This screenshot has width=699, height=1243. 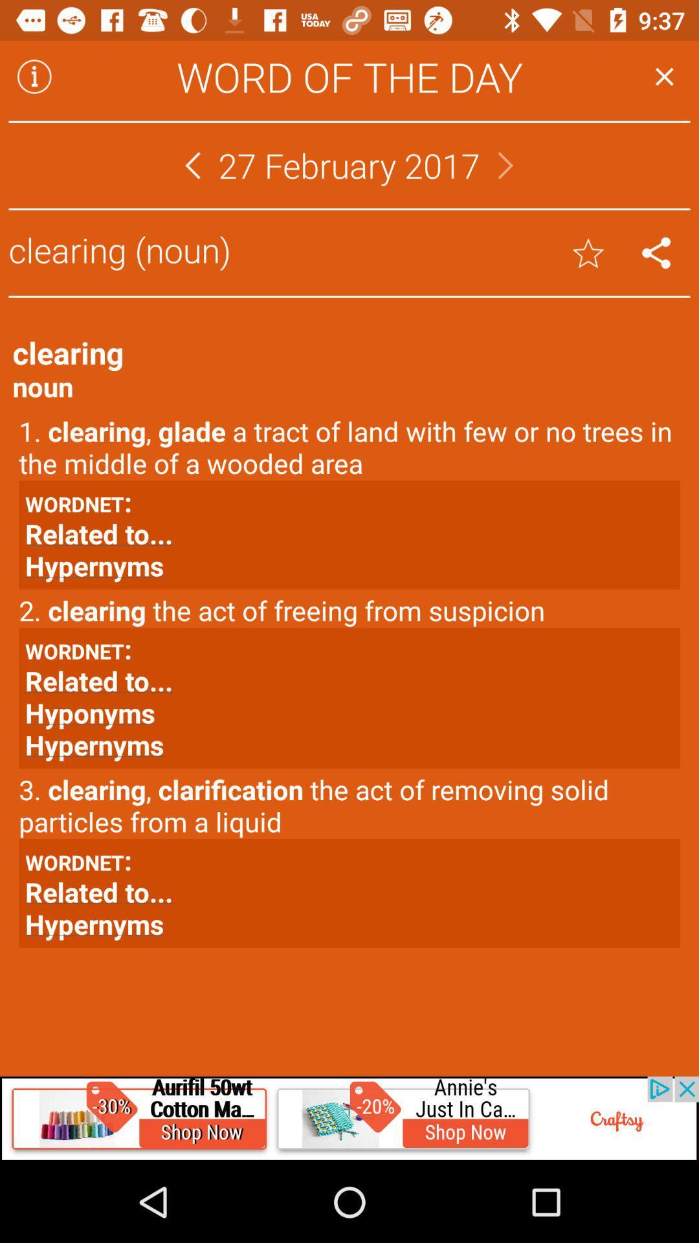 I want to click on go back, so click(x=192, y=164).